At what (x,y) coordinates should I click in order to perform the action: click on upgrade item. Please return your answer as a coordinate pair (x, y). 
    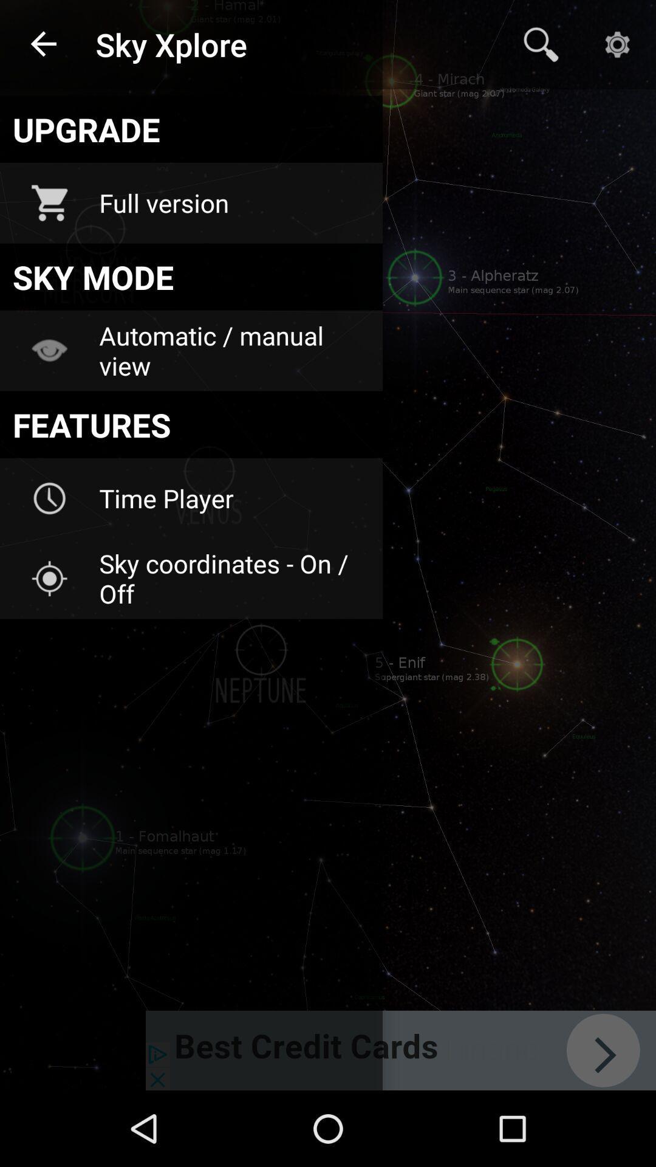
    Looking at the image, I should click on (191, 129).